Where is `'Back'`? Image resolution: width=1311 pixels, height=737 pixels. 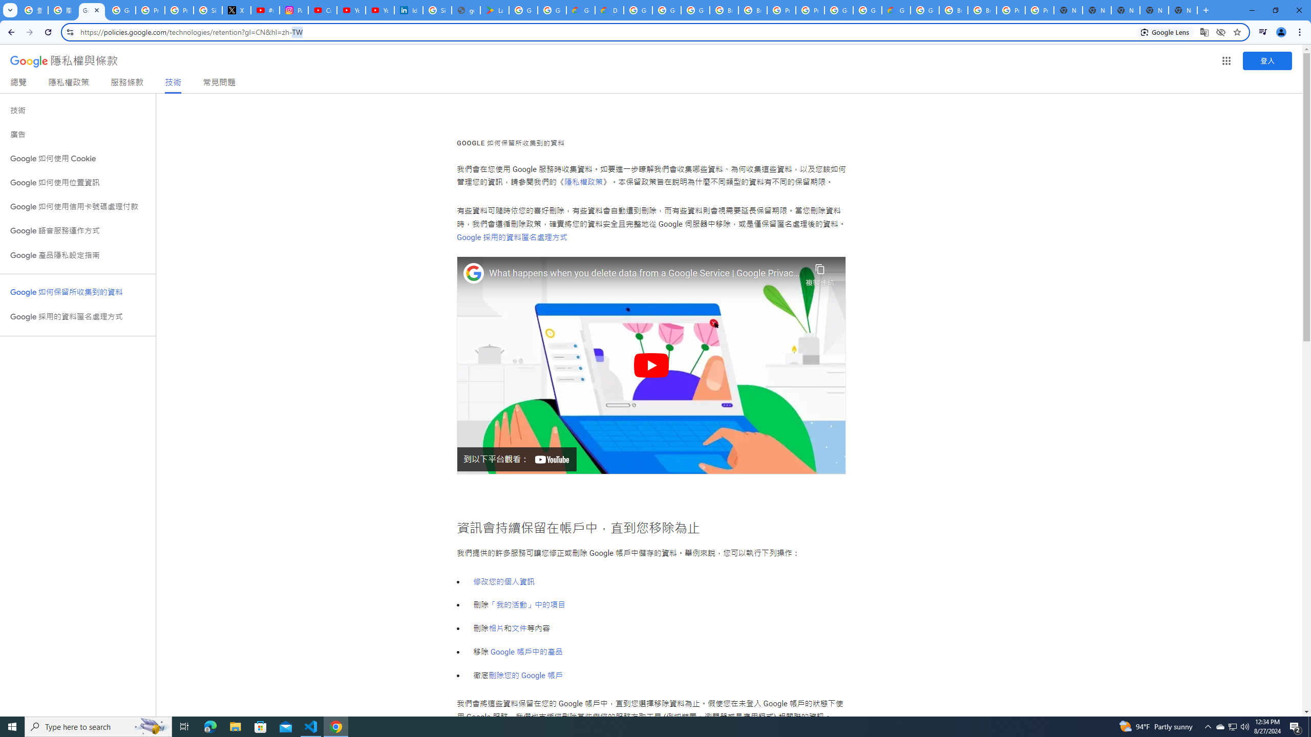 'Back' is located at coordinates (10, 32).